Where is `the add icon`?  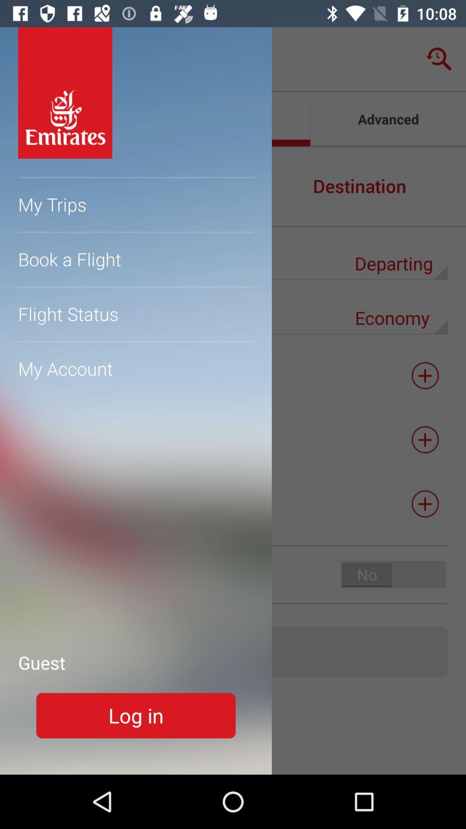
the add icon is located at coordinates (425, 503).